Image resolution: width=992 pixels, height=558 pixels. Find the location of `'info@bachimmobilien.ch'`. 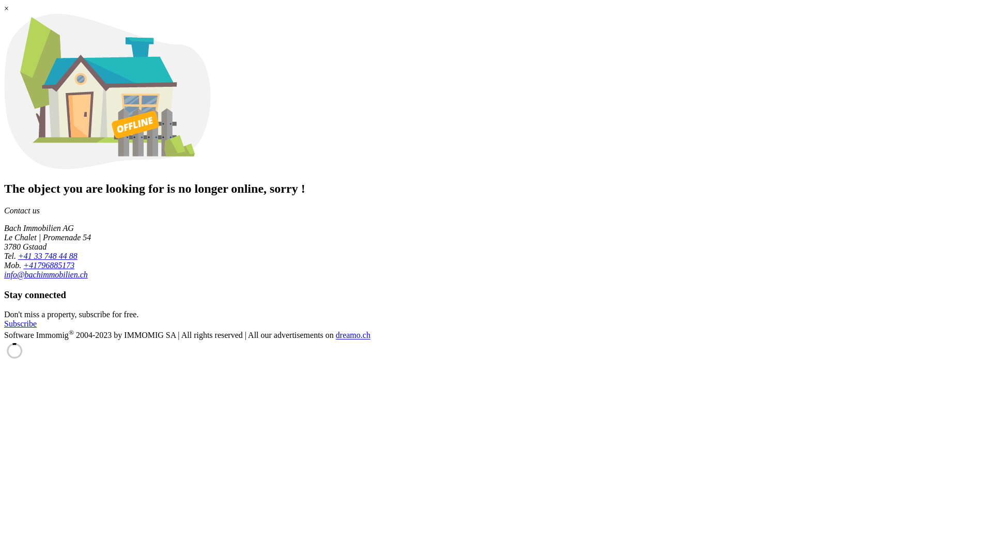

'info@bachimmobilien.ch' is located at coordinates (4, 274).